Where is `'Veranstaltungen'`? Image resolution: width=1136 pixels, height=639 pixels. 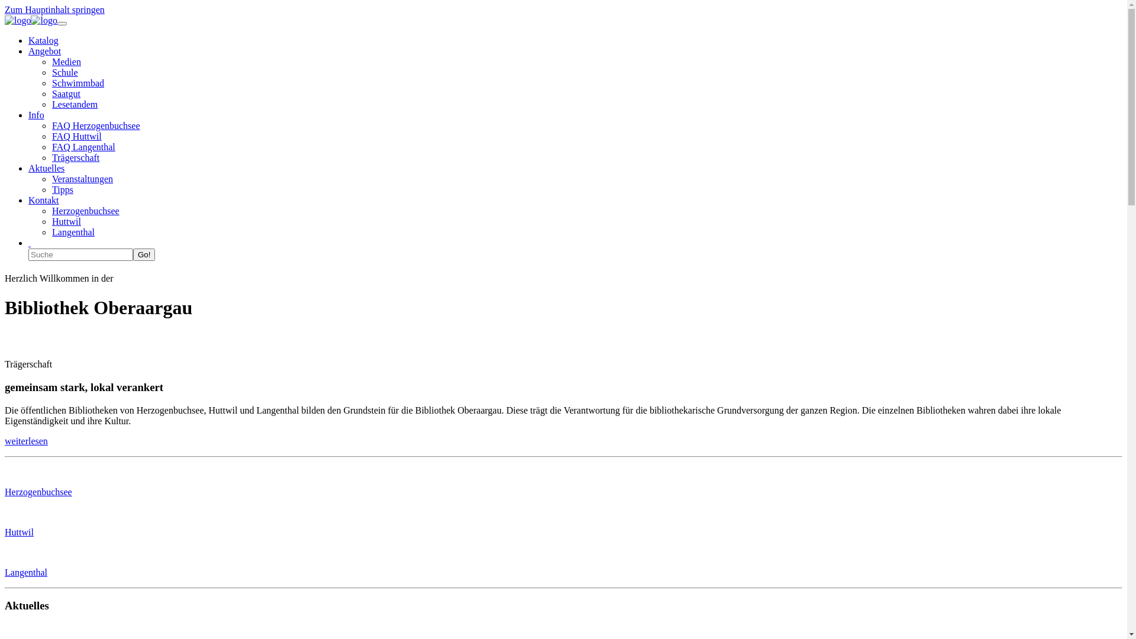
'Veranstaltungen' is located at coordinates (51, 179).